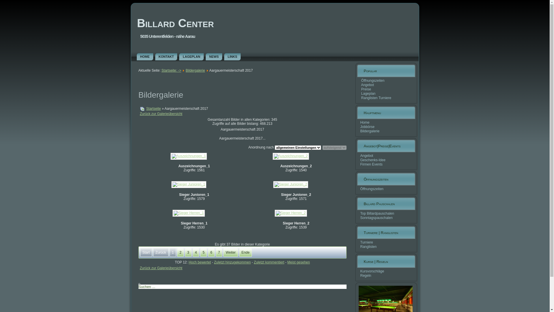 The width and height of the screenshot is (554, 312). What do you see at coordinates (196, 252) in the screenshot?
I see `'4'` at bounding box center [196, 252].